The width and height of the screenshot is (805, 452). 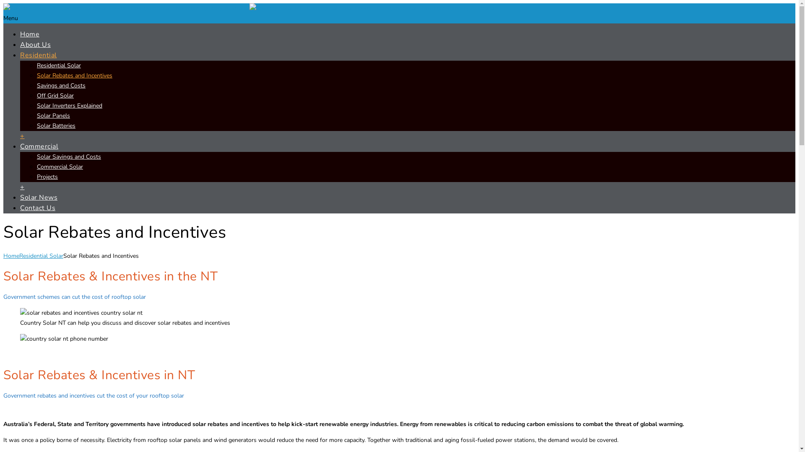 What do you see at coordinates (41, 255) in the screenshot?
I see `'Residential Solar'` at bounding box center [41, 255].